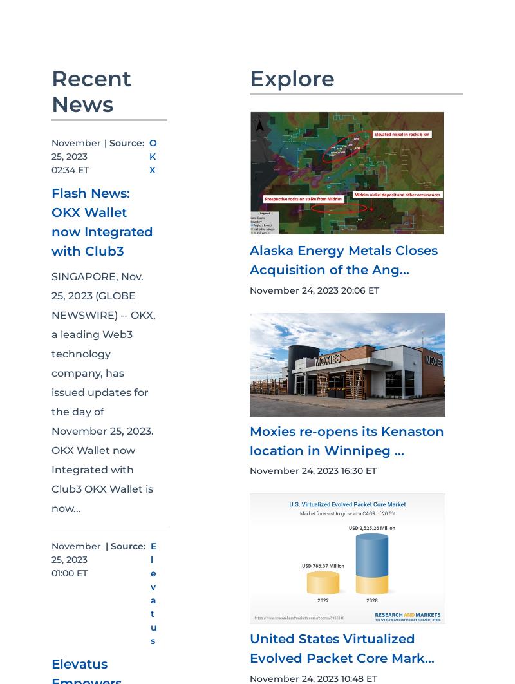 This screenshot has height=684, width=515. What do you see at coordinates (153, 156) in the screenshot?
I see `'OKX'` at bounding box center [153, 156].